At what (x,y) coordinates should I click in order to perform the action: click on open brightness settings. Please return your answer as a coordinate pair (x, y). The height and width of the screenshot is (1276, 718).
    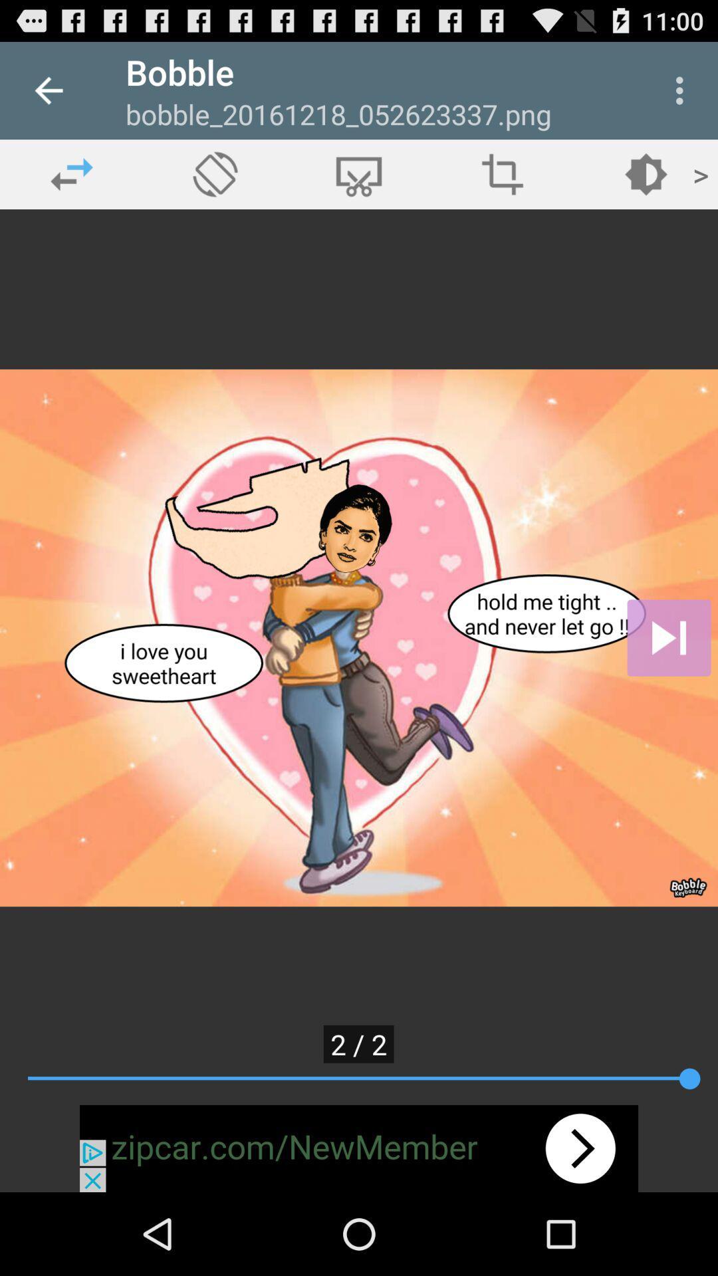
    Looking at the image, I should click on (646, 173).